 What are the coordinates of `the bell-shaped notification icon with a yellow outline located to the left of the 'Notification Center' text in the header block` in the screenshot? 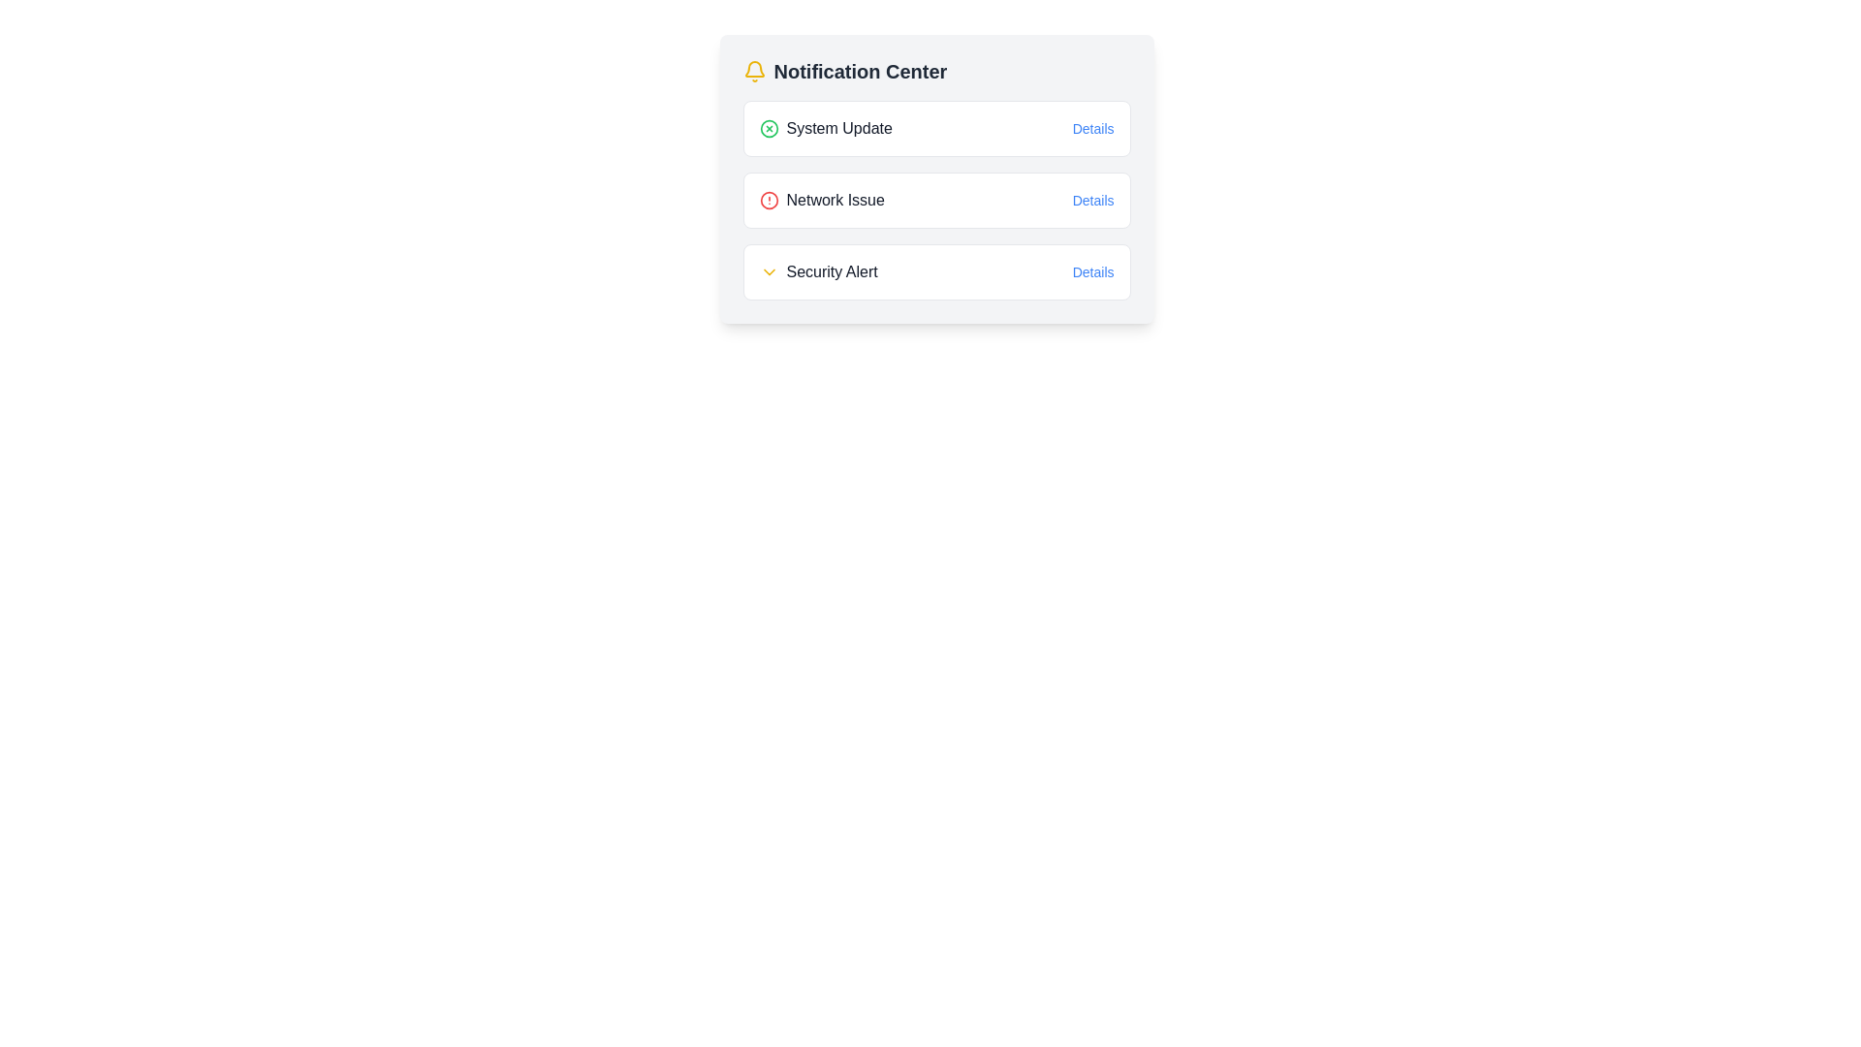 It's located at (753, 70).